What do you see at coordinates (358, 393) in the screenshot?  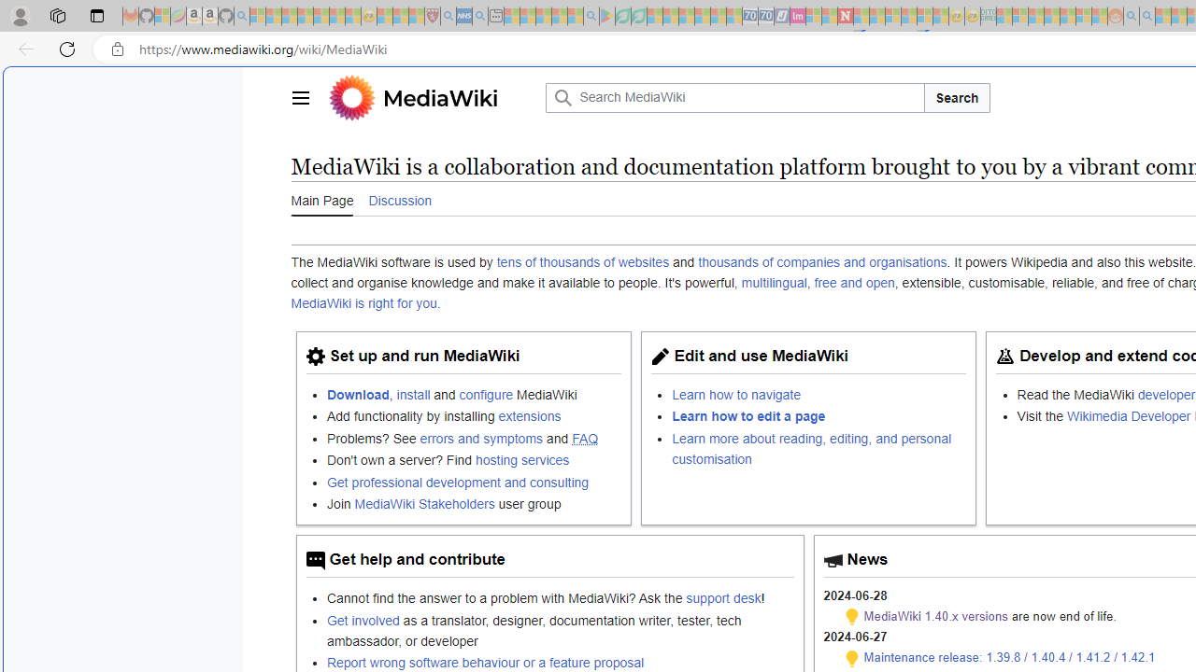 I see `'Download'` at bounding box center [358, 393].